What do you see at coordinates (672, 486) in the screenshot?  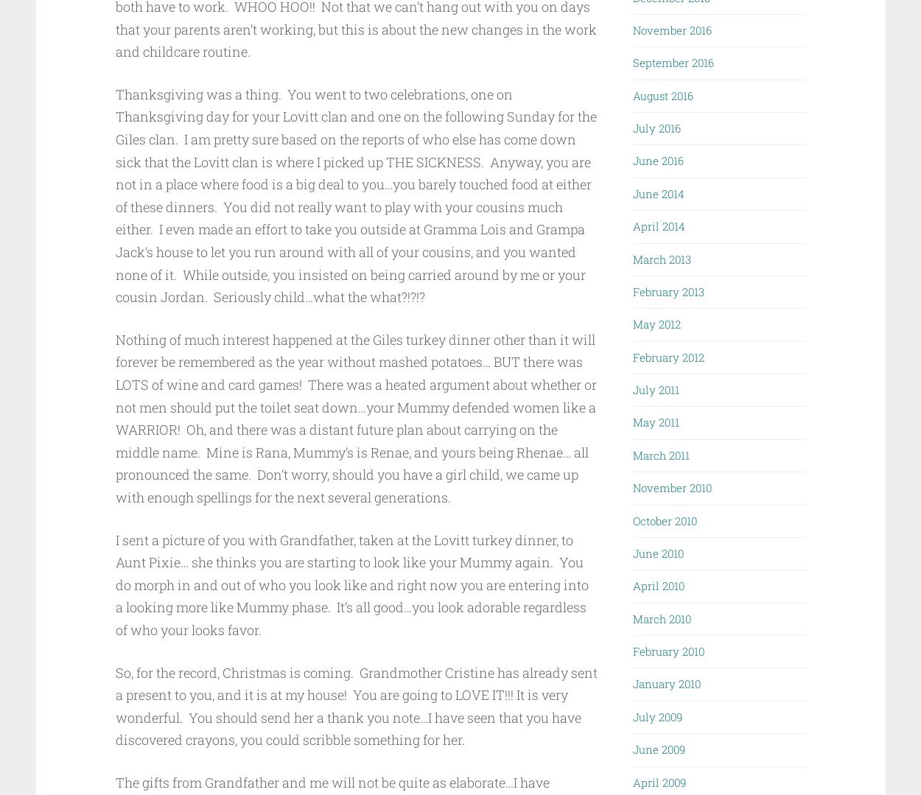 I see `'November 2010'` at bounding box center [672, 486].